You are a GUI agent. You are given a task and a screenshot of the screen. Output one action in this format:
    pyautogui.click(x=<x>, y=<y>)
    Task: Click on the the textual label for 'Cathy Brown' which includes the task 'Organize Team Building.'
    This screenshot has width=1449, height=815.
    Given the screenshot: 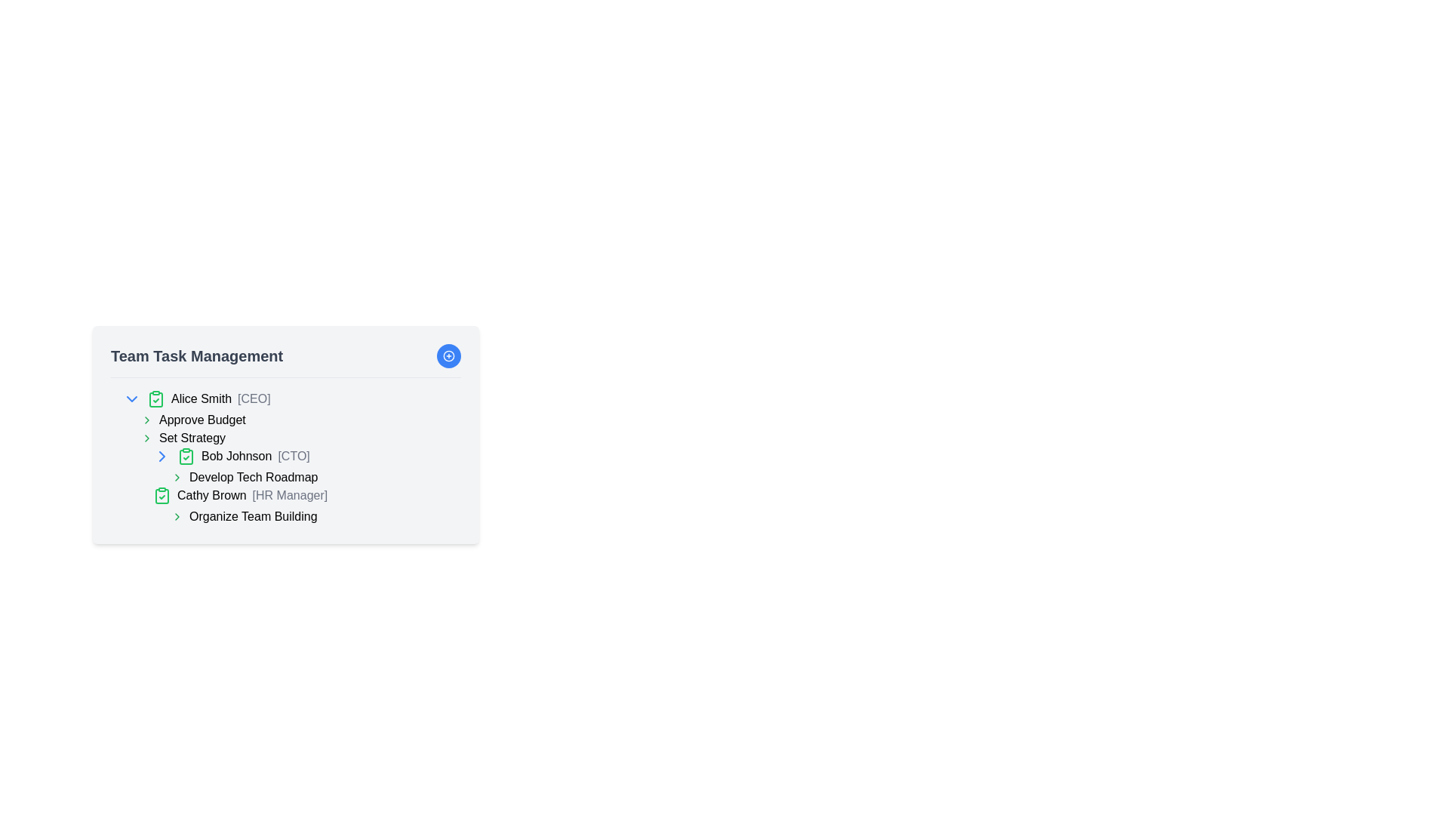 What is the action you would take?
    pyautogui.click(x=306, y=506)
    